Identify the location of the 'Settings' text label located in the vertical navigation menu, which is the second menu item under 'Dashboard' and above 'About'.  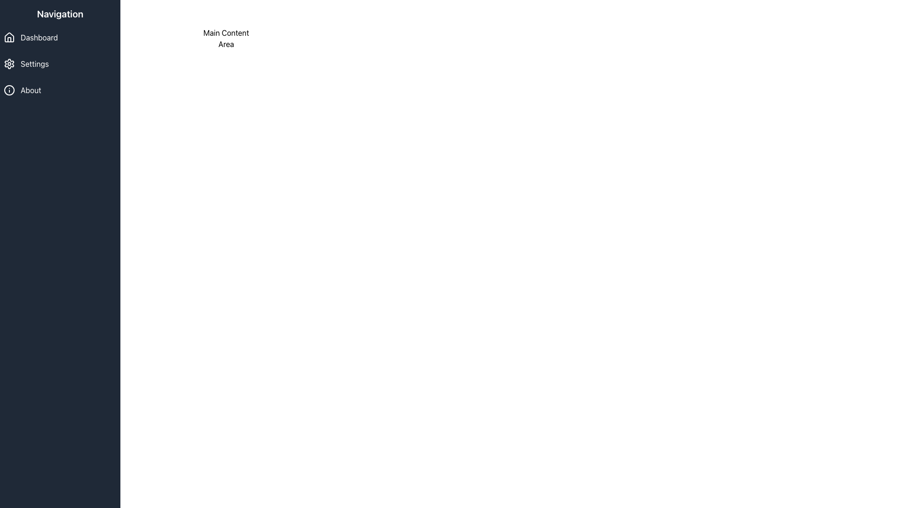
(34, 63).